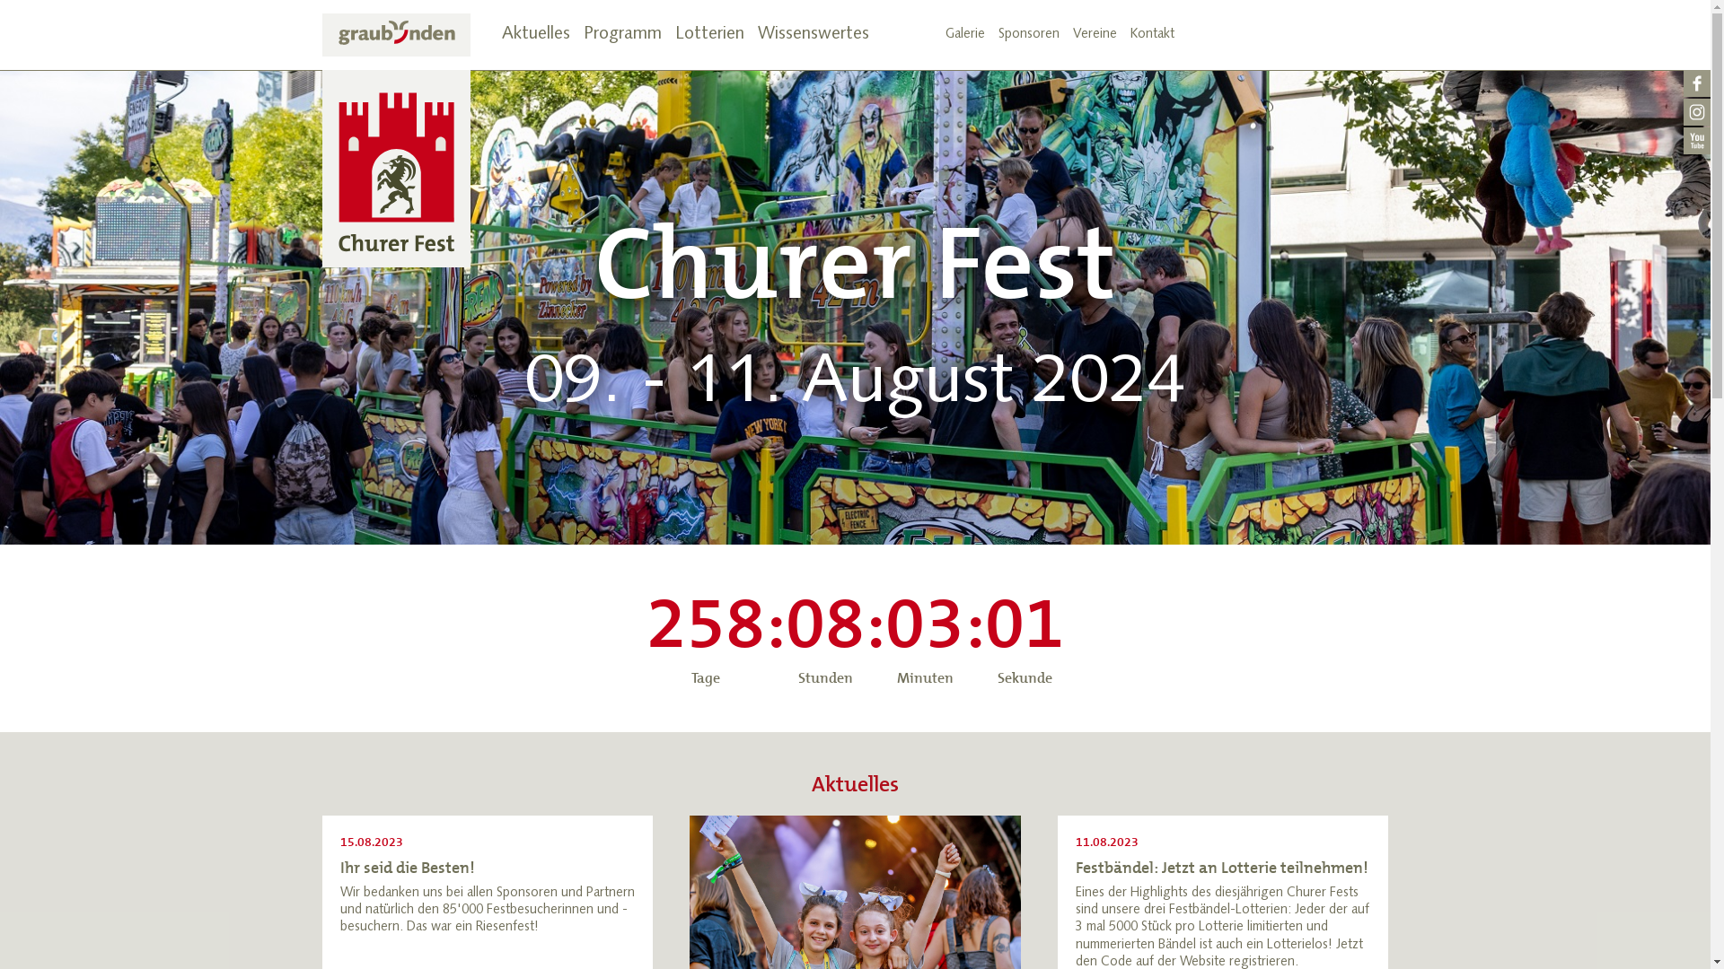 This screenshot has width=1724, height=969. I want to click on 'Vereine', so click(1072, 34).